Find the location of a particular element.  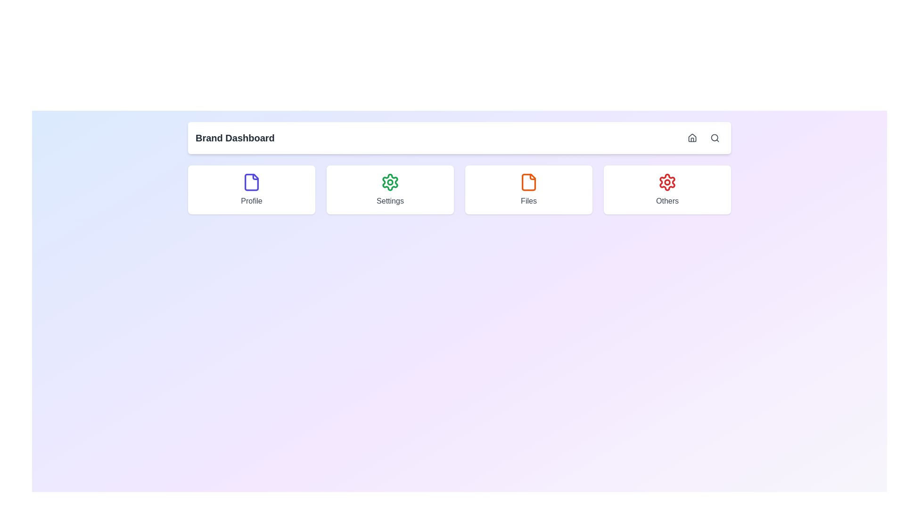

the green gear icon that is centered above the 'Settings' text is located at coordinates (390, 182).